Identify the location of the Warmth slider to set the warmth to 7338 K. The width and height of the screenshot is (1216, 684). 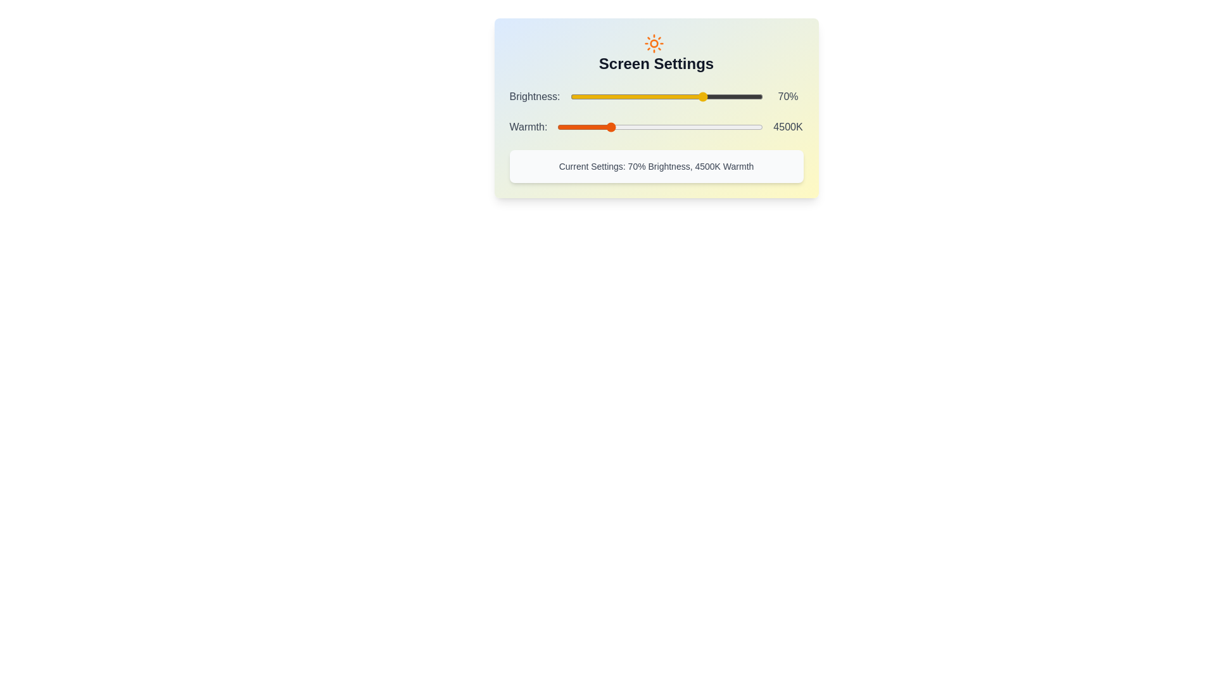
(705, 127).